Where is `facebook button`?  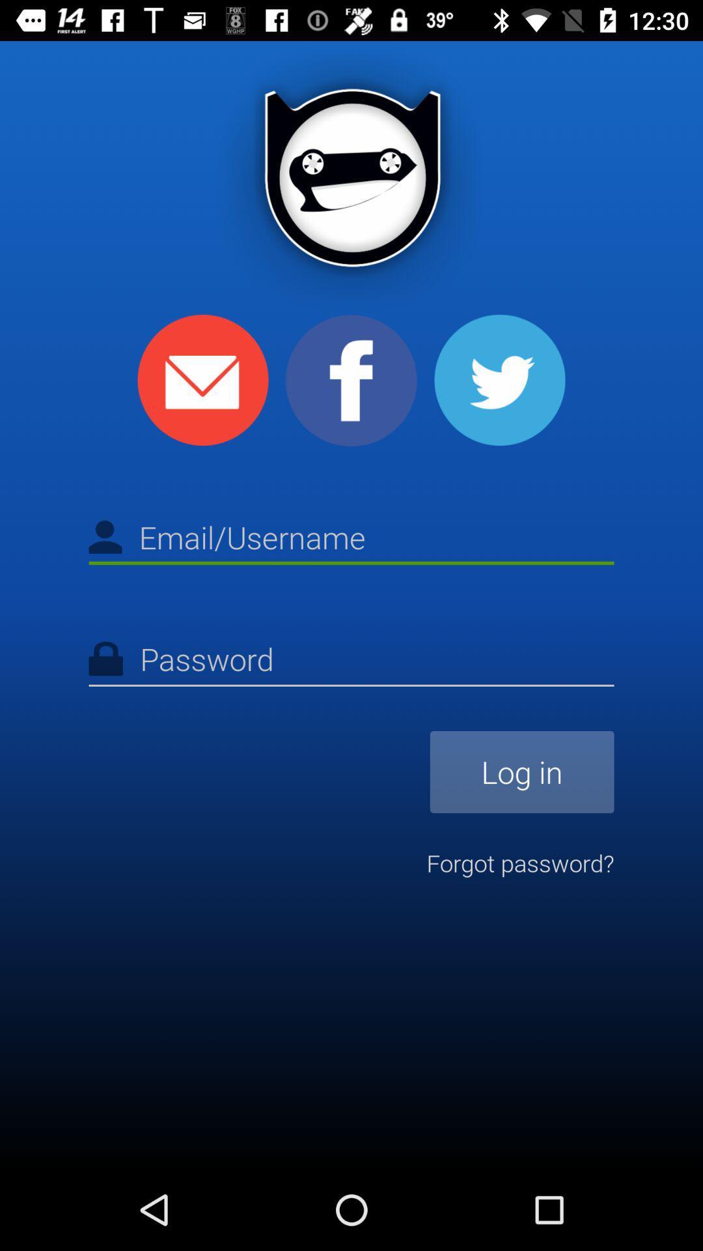 facebook button is located at coordinates (351, 380).